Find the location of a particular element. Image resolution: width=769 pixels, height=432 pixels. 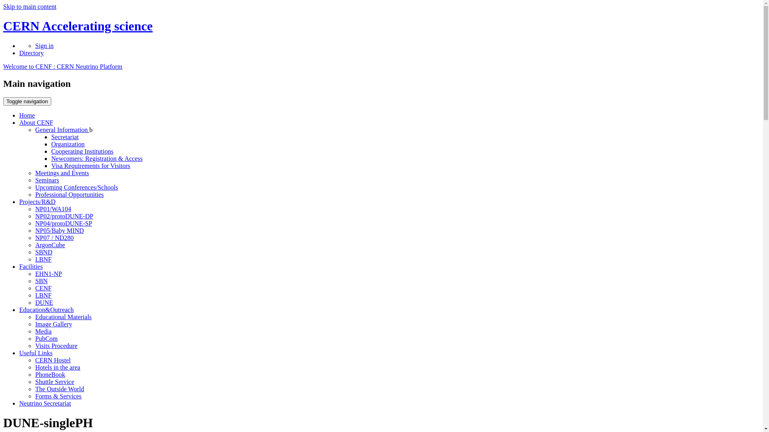

'PhoneBook' is located at coordinates (50, 374).